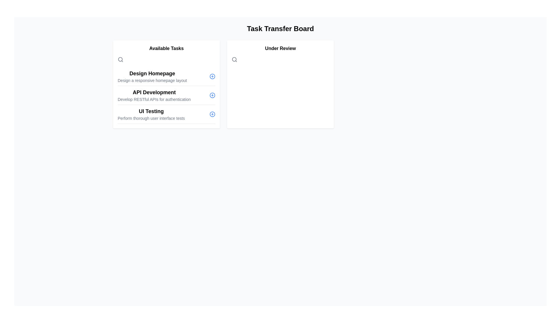 This screenshot has height=314, width=558. I want to click on the interactive icon-based button located at the far right of the 'API Development' task entry in the 'Available Tasks' column, so click(212, 95).